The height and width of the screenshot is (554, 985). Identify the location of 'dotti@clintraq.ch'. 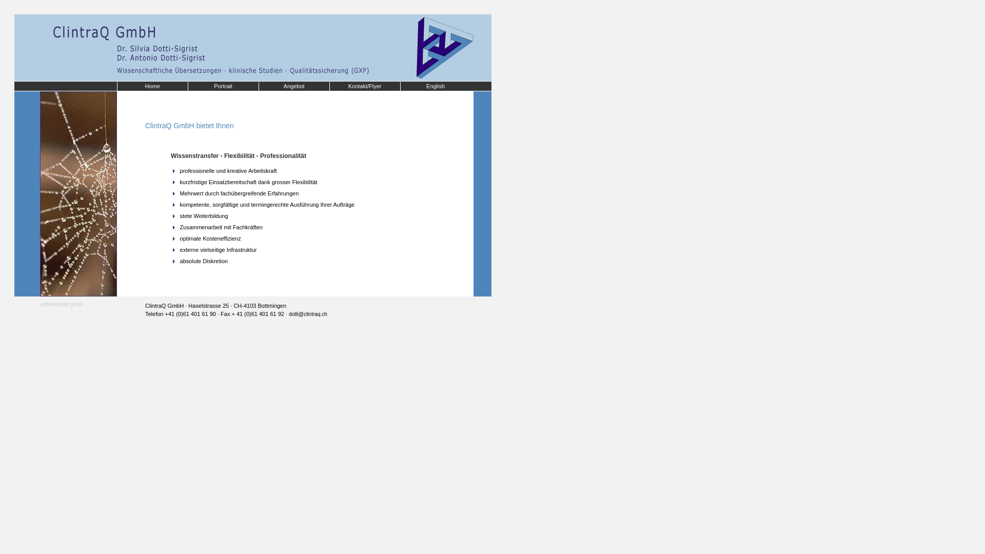
(307, 313).